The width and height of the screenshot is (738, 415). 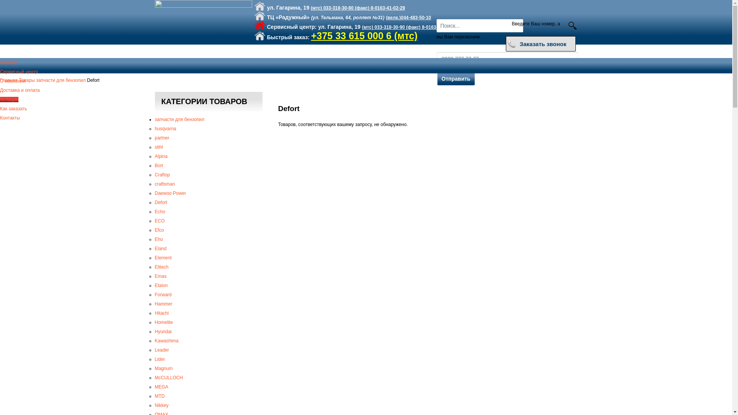 What do you see at coordinates (162, 258) in the screenshot?
I see `'Element'` at bounding box center [162, 258].